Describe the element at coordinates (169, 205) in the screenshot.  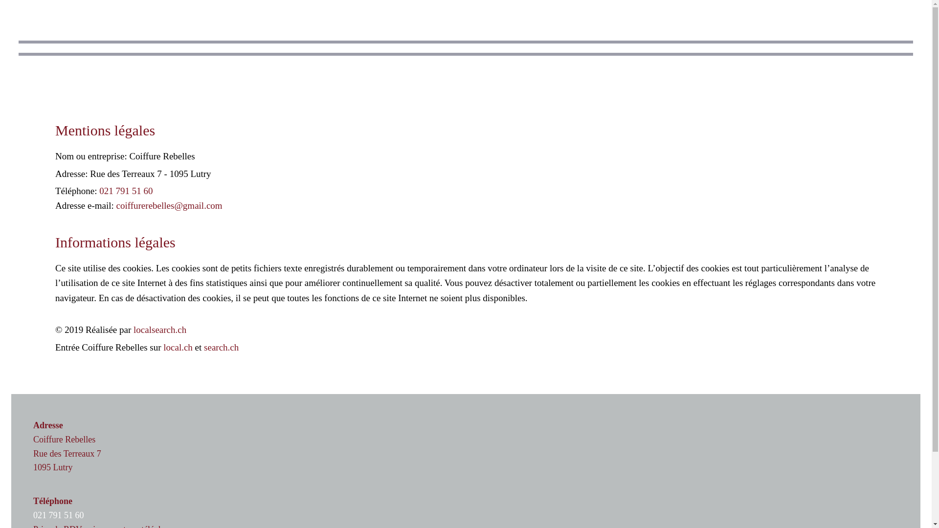
I see `'coiffurerebelles@gmail.com'` at that location.